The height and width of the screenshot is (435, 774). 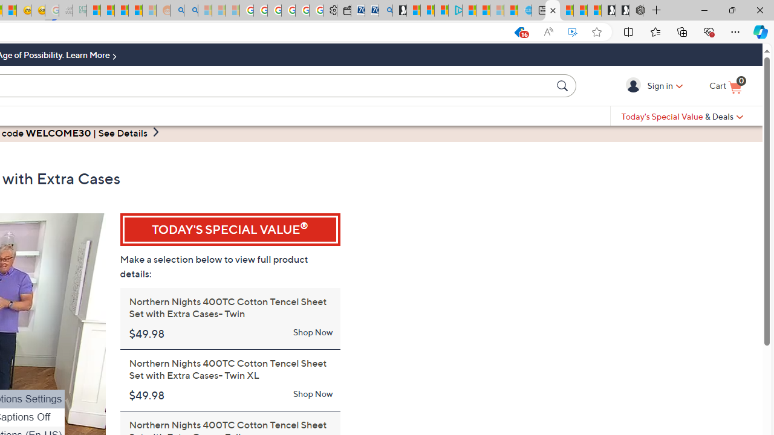 What do you see at coordinates (682, 116) in the screenshot?
I see `'Today'` at bounding box center [682, 116].